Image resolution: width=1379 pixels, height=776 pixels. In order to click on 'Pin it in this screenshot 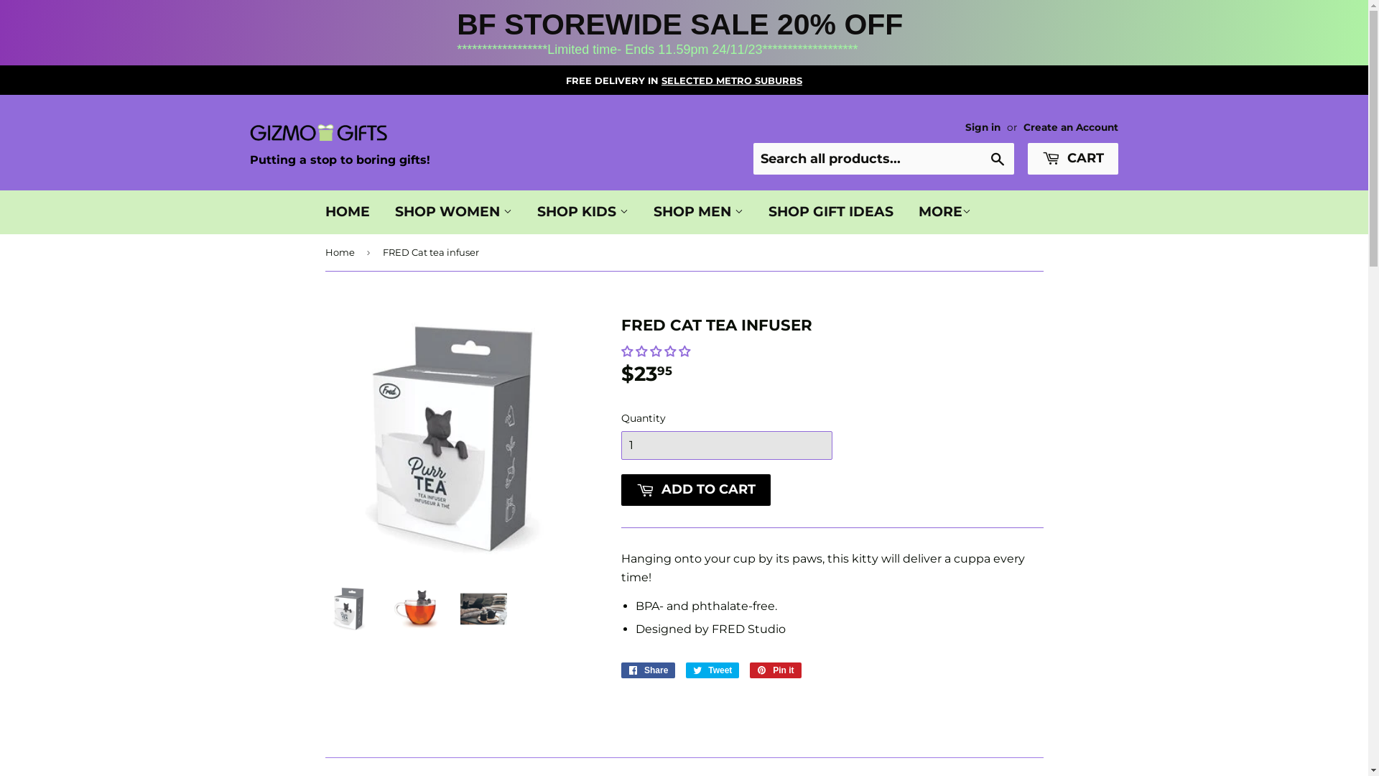, I will do `click(775, 670)`.